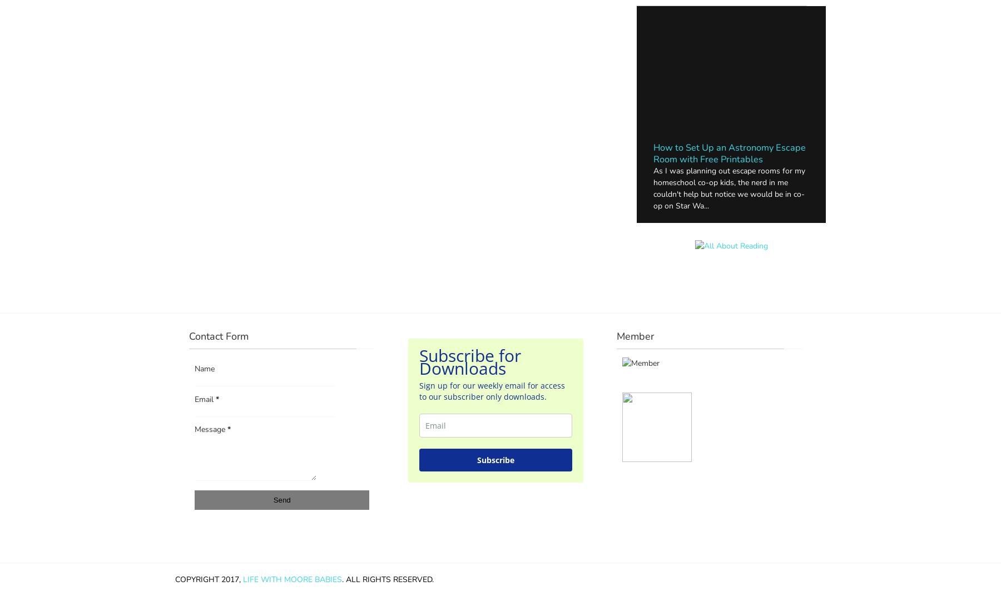 The width and height of the screenshot is (1001, 596). I want to click on 'Message', so click(211, 429).